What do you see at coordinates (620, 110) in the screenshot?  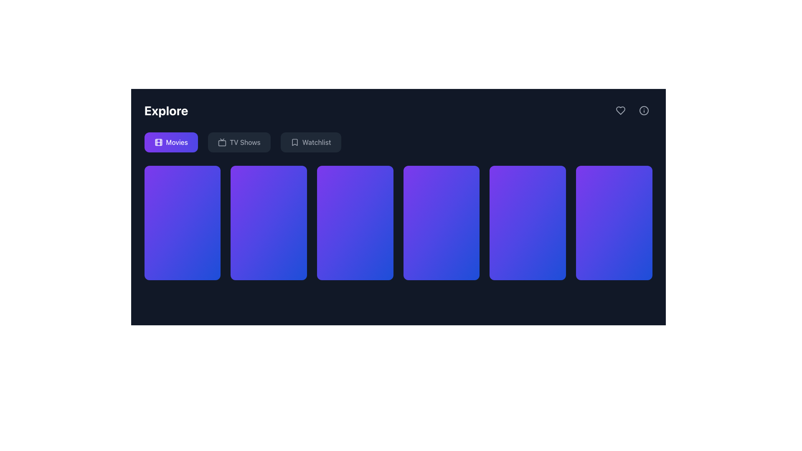 I see `the heart-shaped icon button, which has a gray outline and hollow center` at bounding box center [620, 110].